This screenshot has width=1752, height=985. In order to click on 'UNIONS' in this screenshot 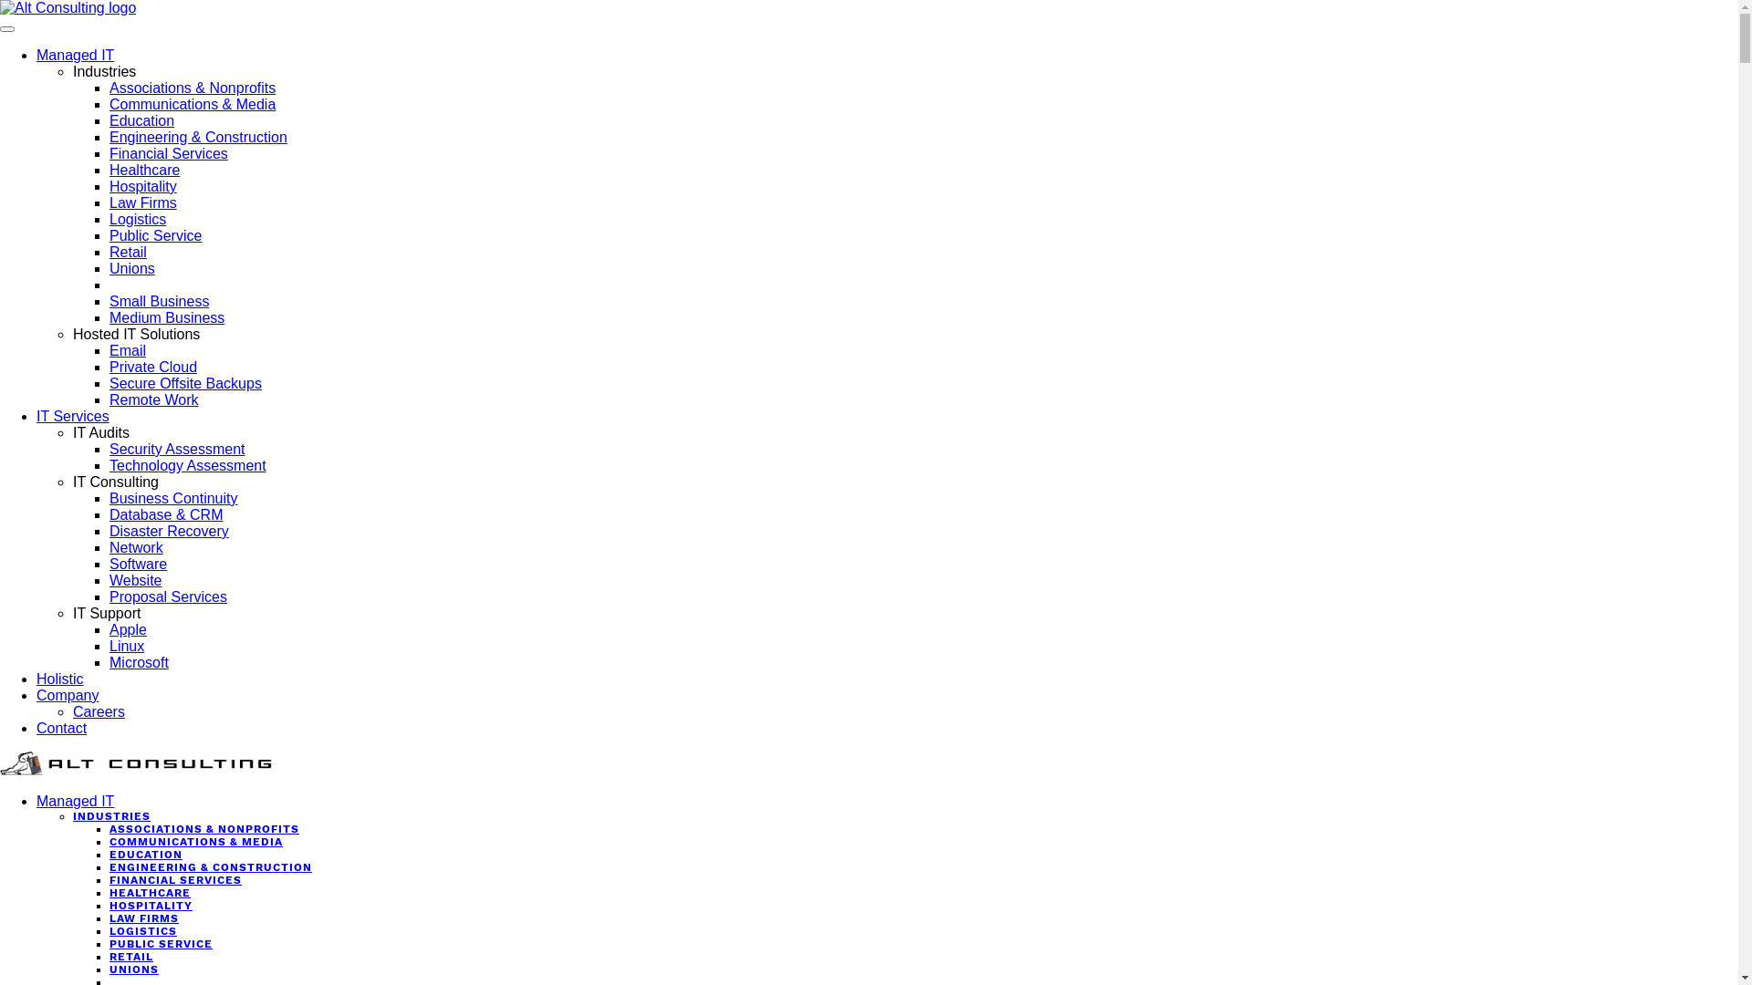, I will do `click(133, 969)`.